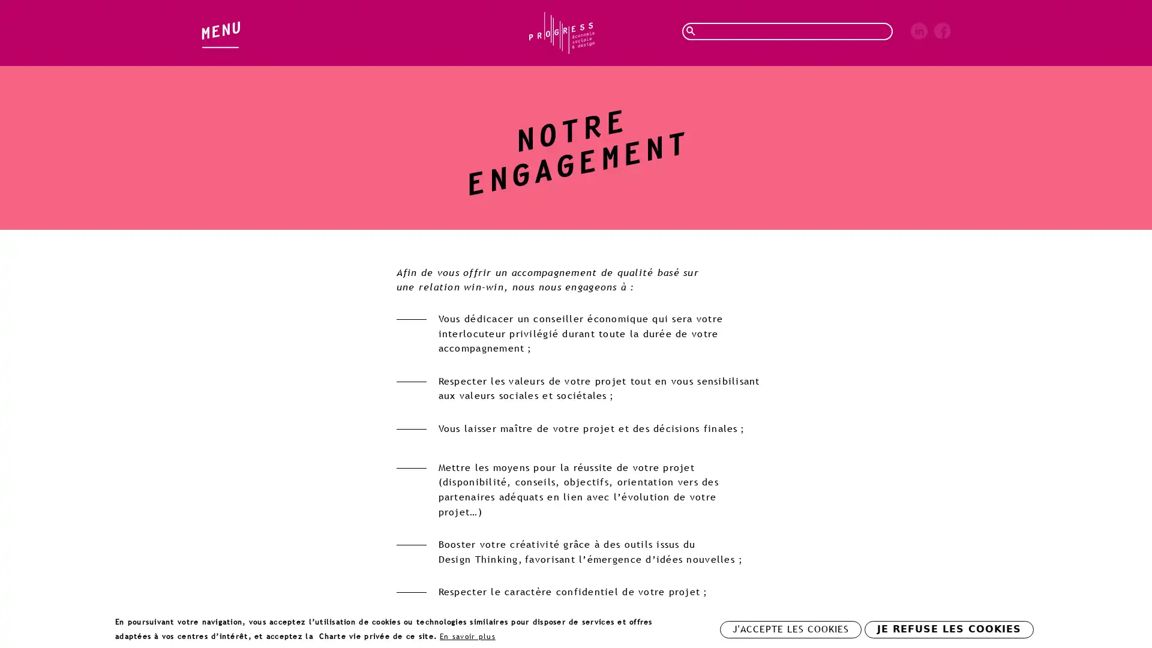 The height and width of the screenshot is (648, 1152). Describe the element at coordinates (886, 32) in the screenshot. I see `Rechercher` at that location.